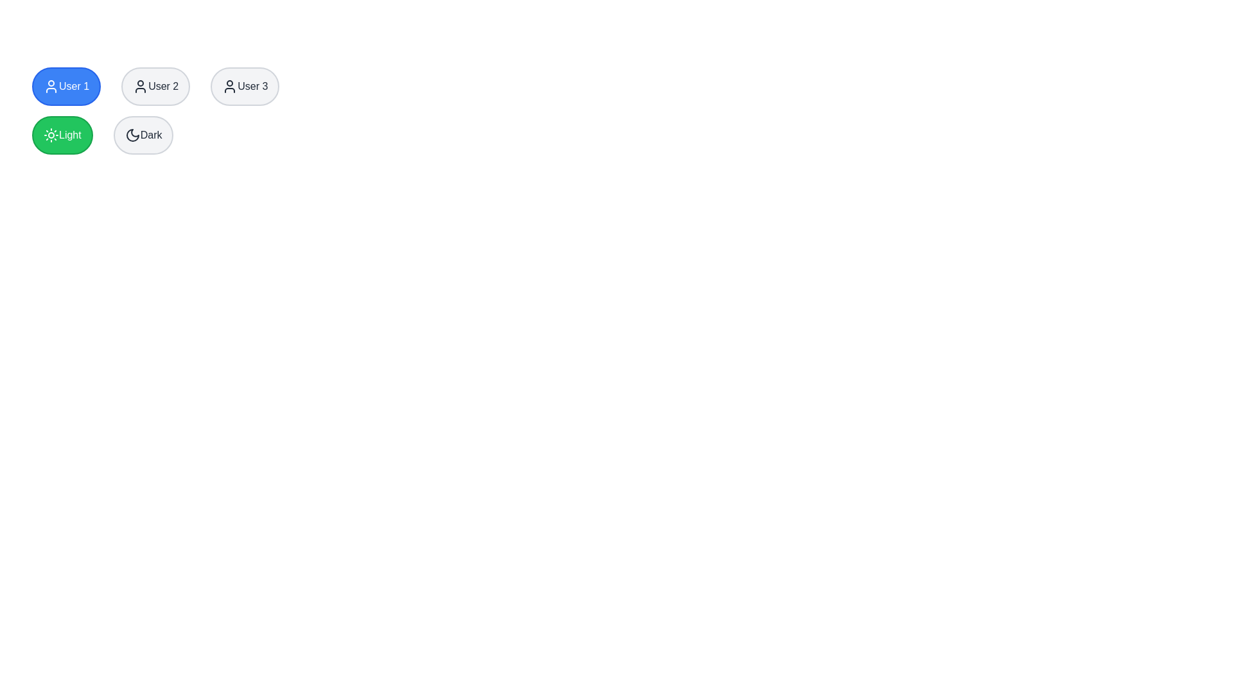  I want to click on the circular button labeled 'User 3' which has a light gray background and a user silhouette icon, so click(245, 87).